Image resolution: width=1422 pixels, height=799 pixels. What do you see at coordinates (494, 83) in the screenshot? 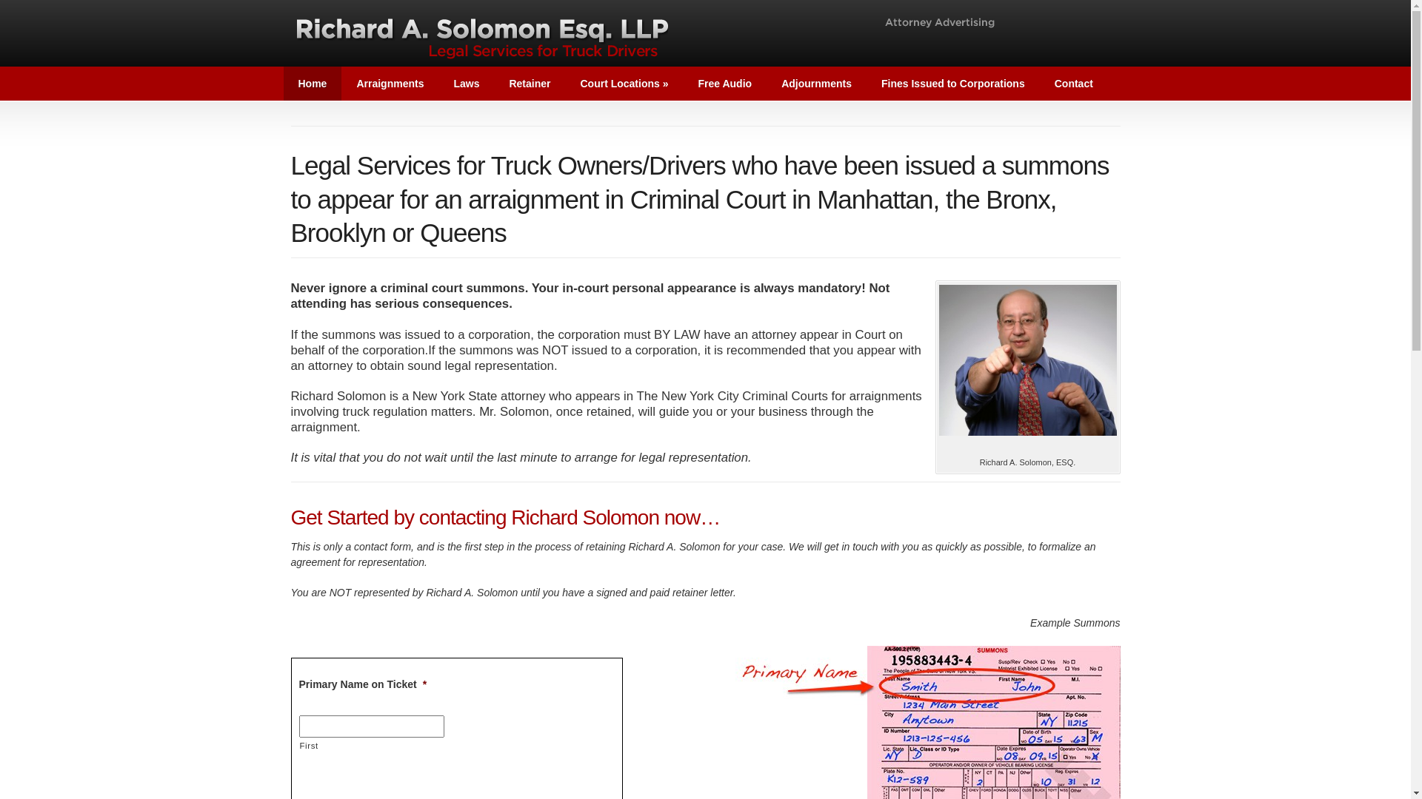
I see `'Retainer'` at bounding box center [494, 83].